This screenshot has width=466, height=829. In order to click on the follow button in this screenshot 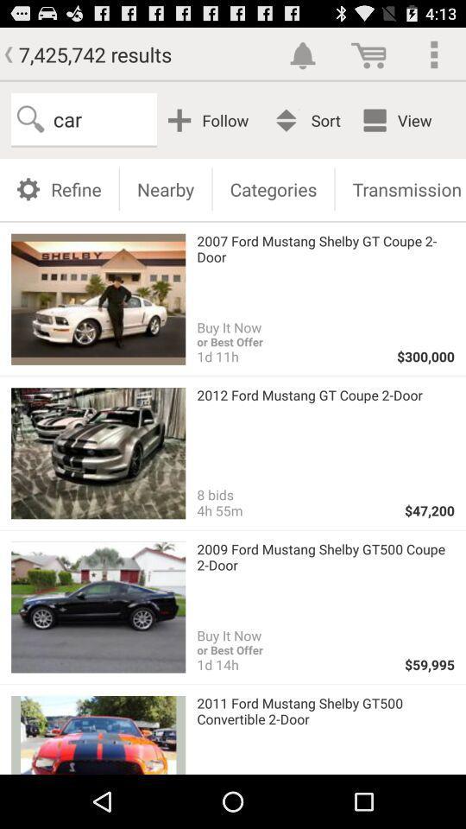, I will do `click(211, 119)`.